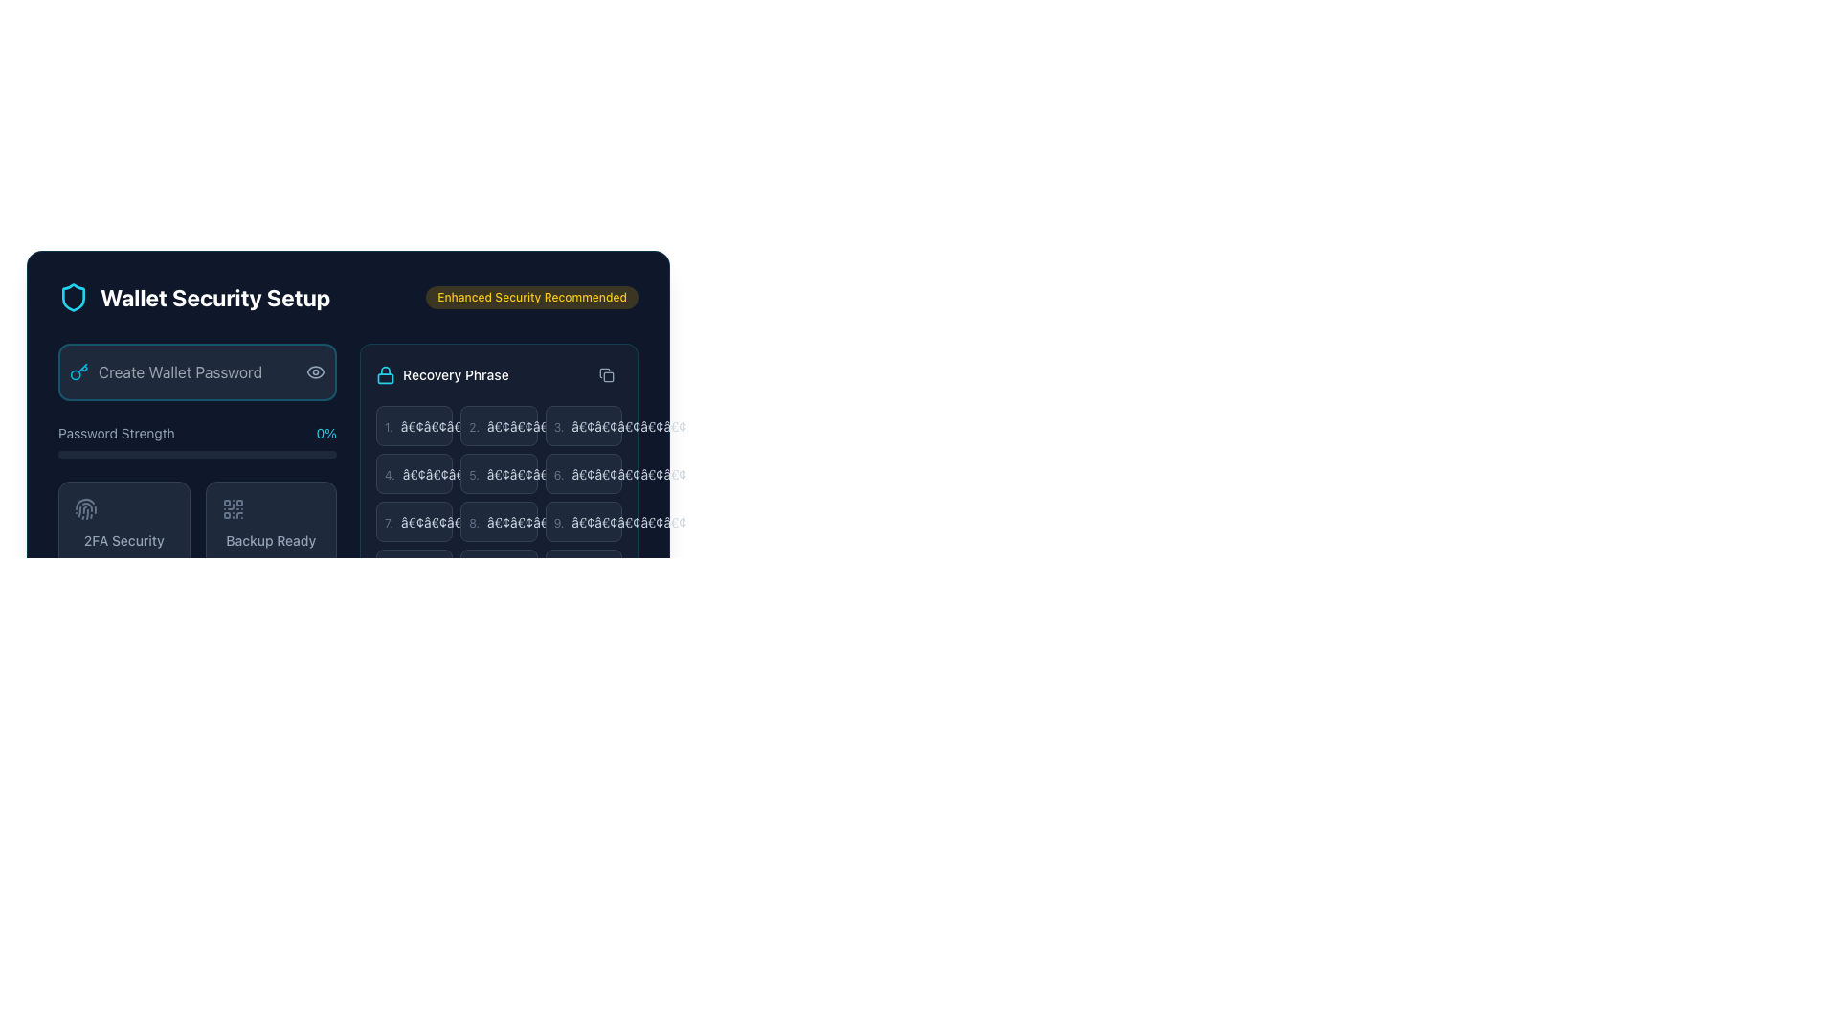 The width and height of the screenshot is (1838, 1034). I want to click on the shield icon with a cyan outline that is positioned to the far left of the 'Wallet Security Setup' title, so click(73, 298).